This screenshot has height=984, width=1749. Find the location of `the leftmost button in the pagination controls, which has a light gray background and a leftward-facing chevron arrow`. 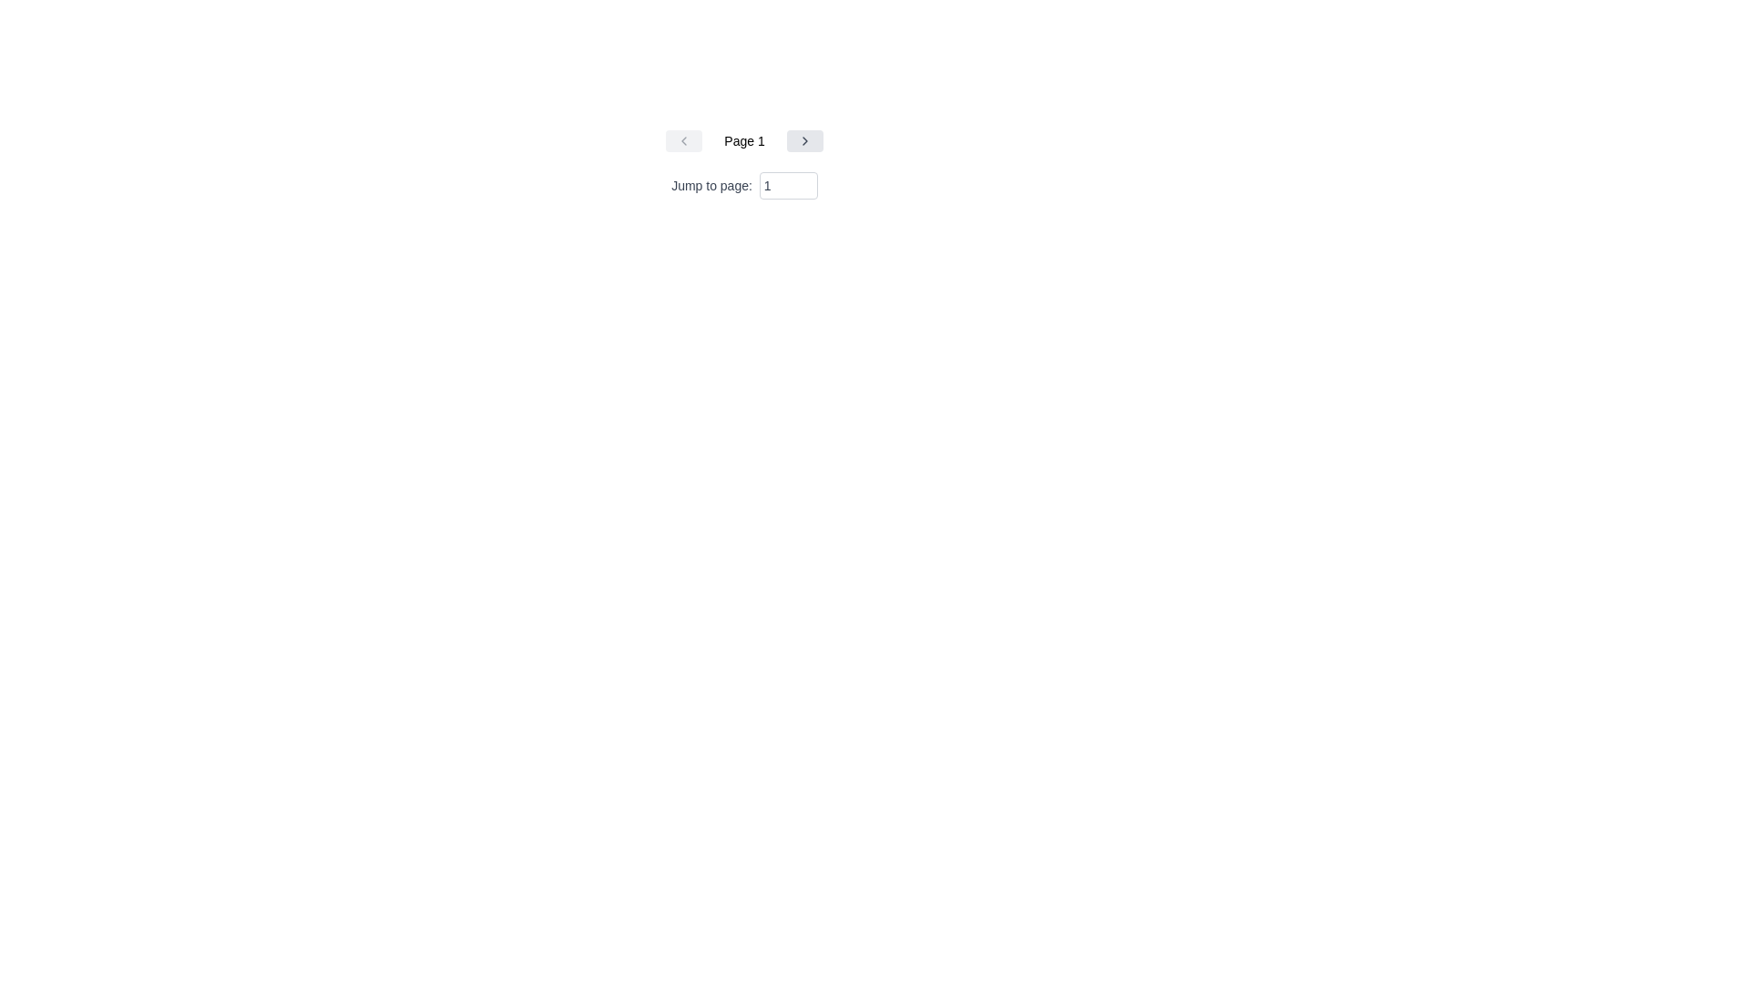

the leftmost button in the pagination controls, which has a light gray background and a leftward-facing chevron arrow is located at coordinates (683, 139).